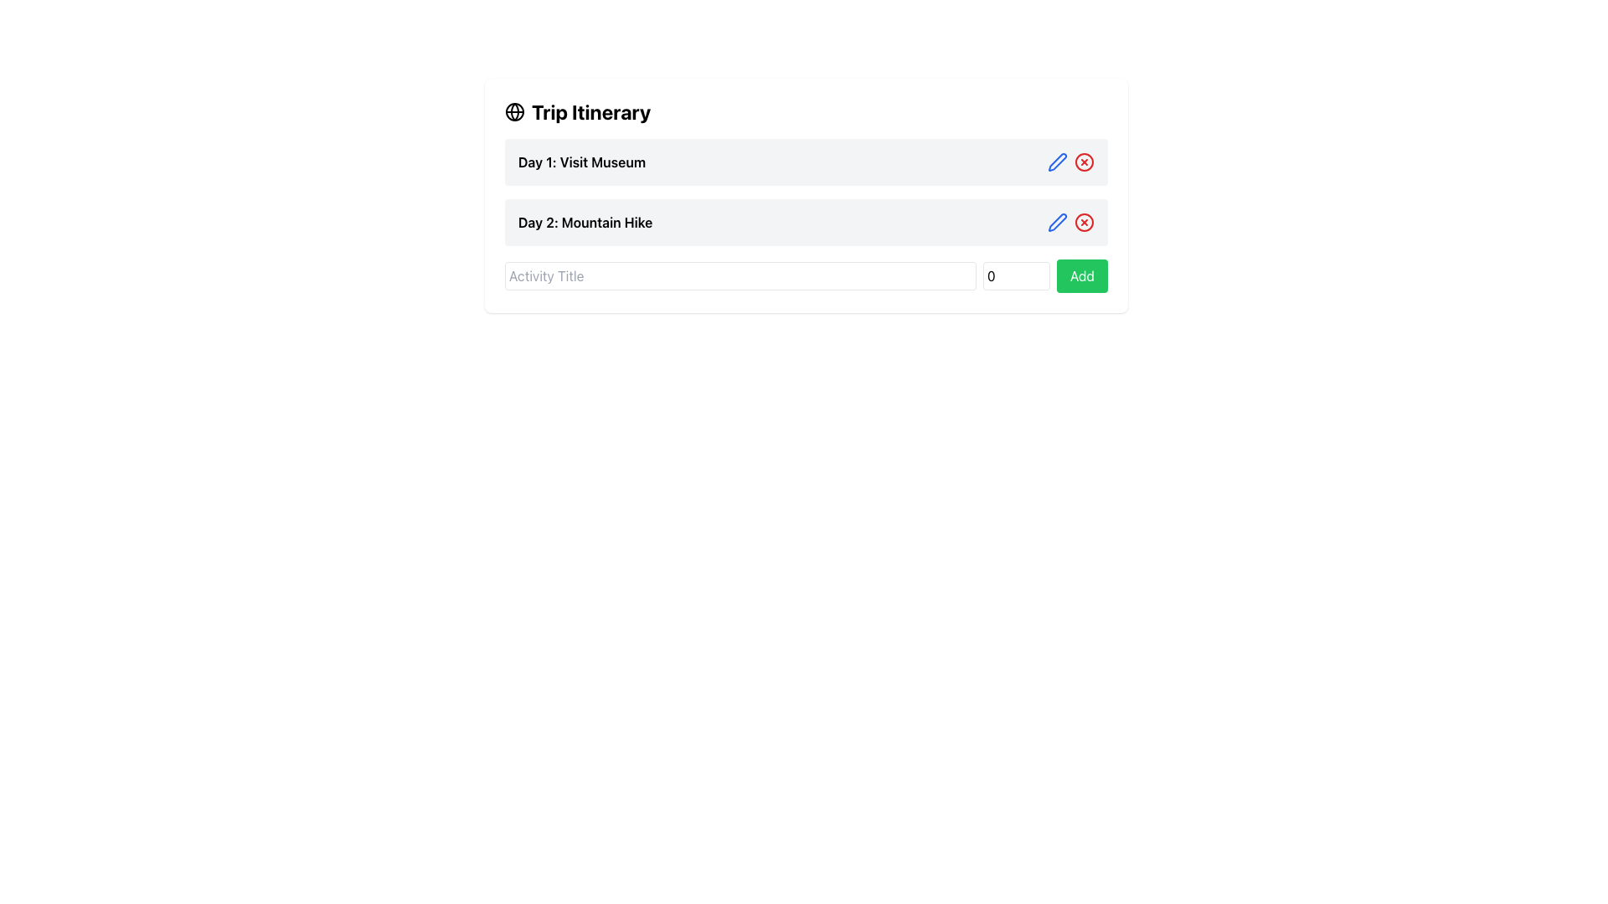  What do you see at coordinates (585, 222) in the screenshot?
I see `the Text Label displaying 'Day 2: Mountain Hike', which is centrally positioned in a vertically aligned list and has interactive icons to its right` at bounding box center [585, 222].